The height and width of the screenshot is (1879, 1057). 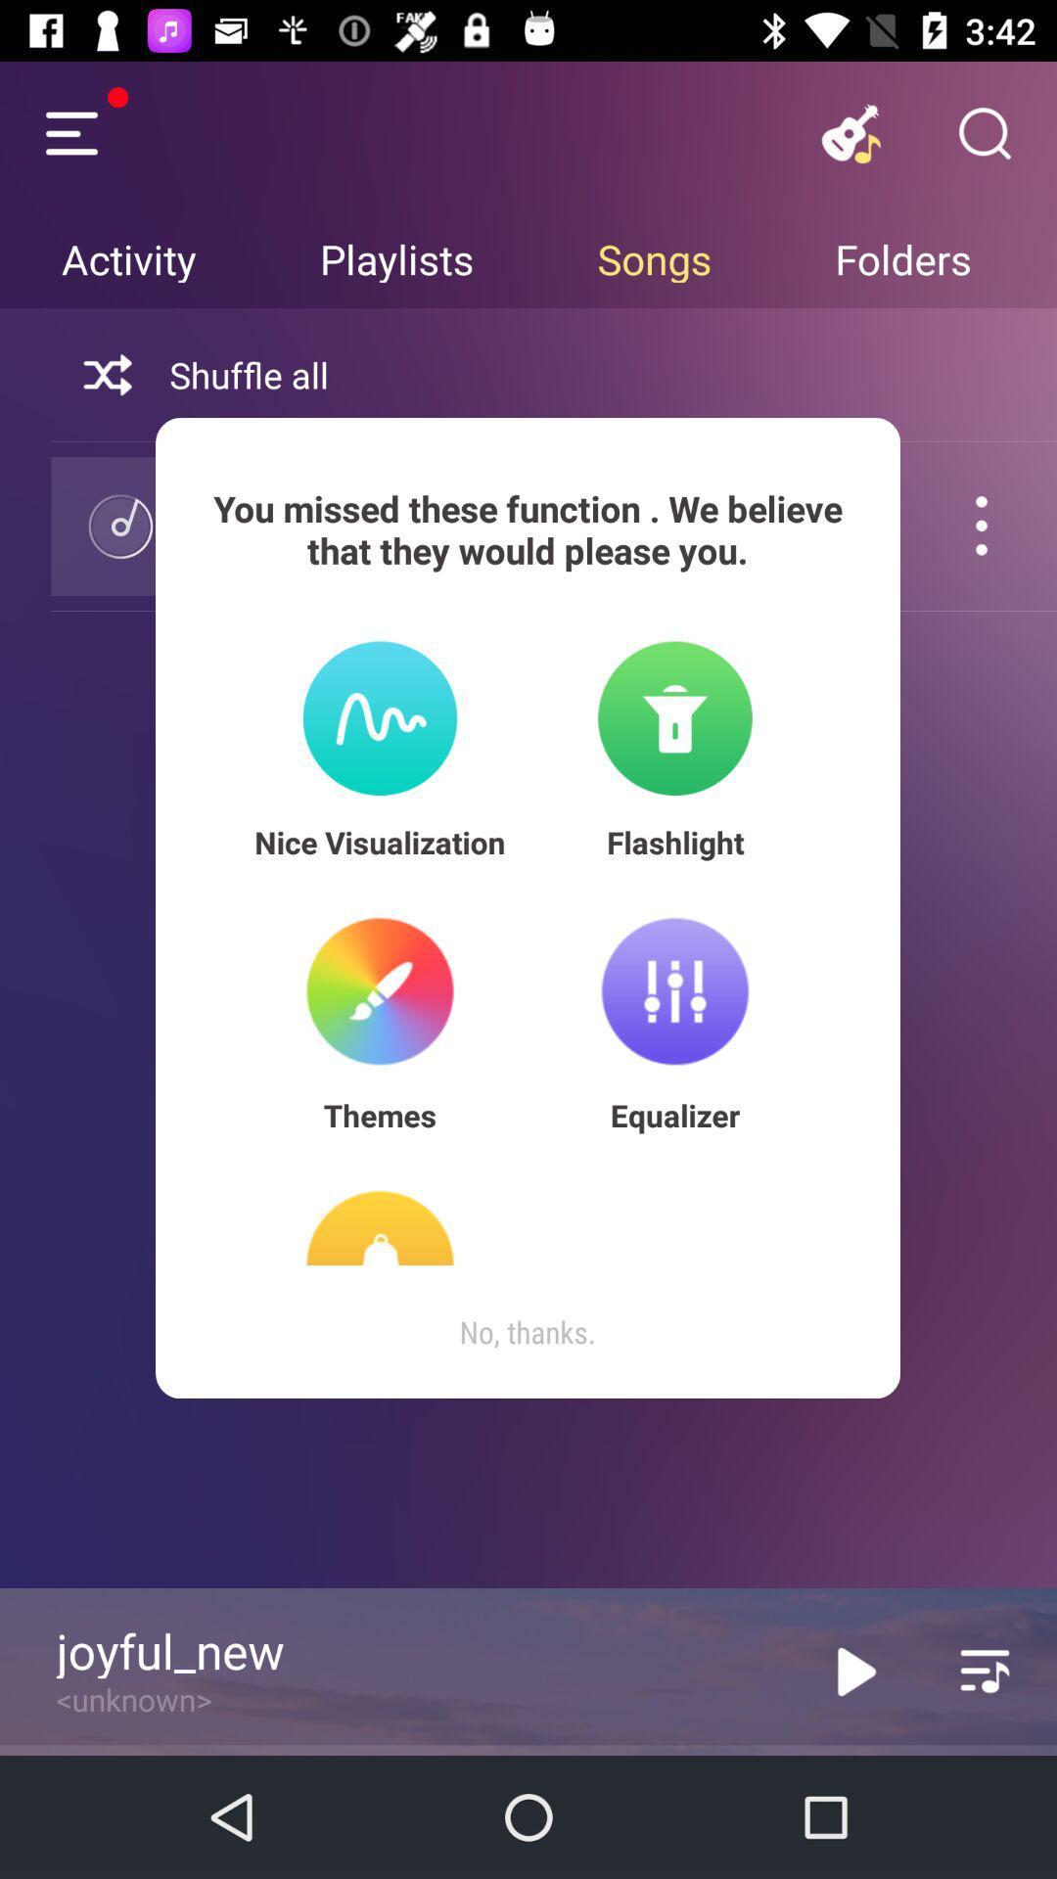 I want to click on the flashlight, so click(x=674, y=842).